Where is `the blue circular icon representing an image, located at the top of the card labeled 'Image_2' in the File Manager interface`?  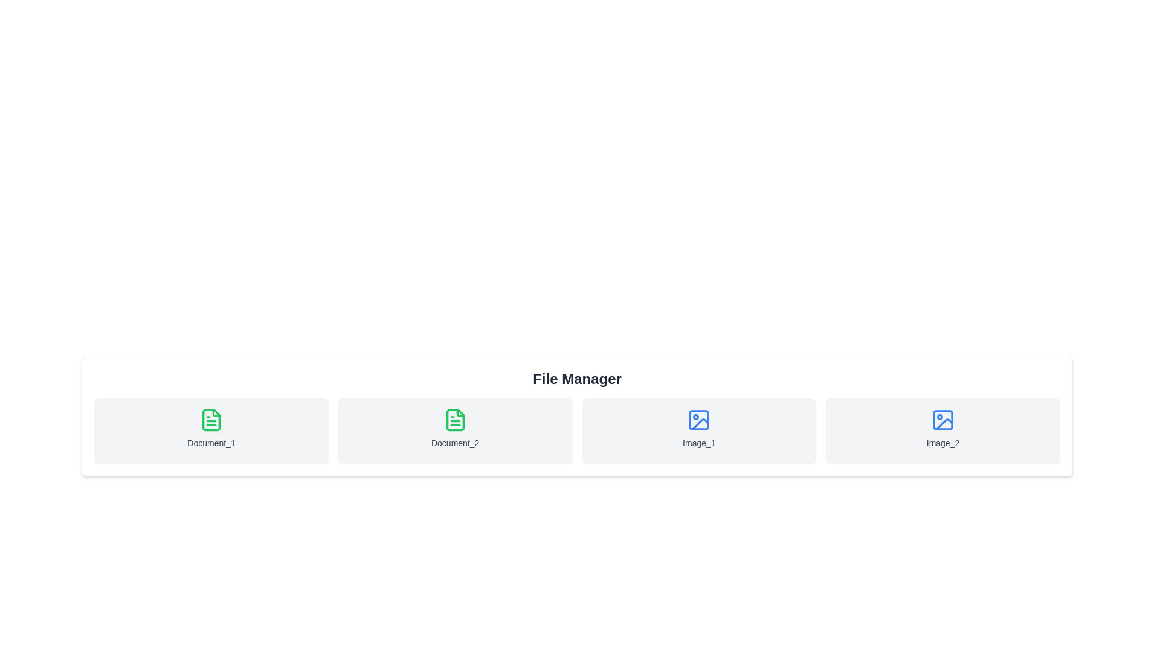
the blue circular icon representing an image, located at the top of the card labeled 'Image_2' in the File Manager interface is located at coordinates (942, 419).